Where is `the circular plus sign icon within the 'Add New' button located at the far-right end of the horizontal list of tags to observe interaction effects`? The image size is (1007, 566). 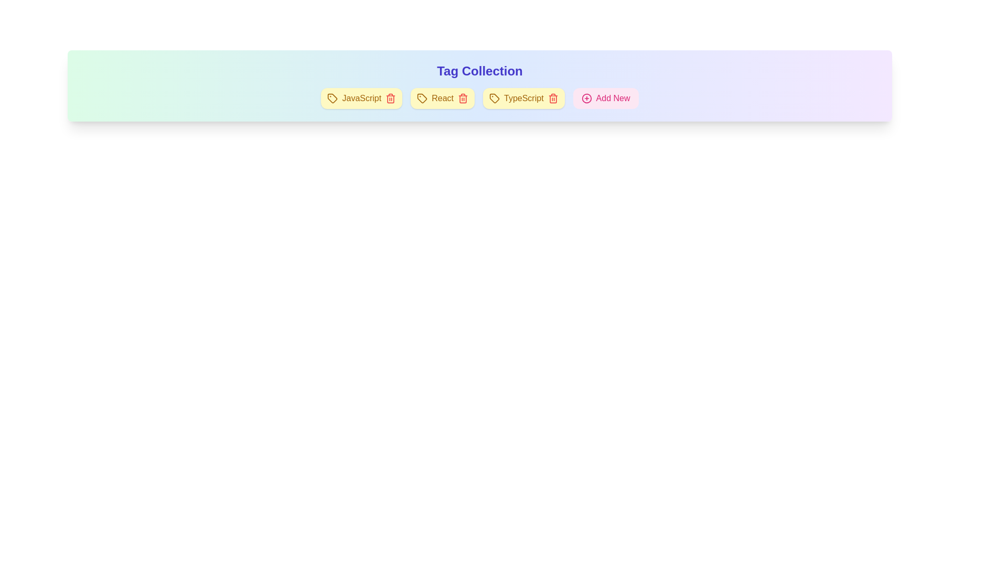
the circular plus sign icon within the 'Add New' button located at the far-right end of the horizontal list of tags to observe interaction effects is located at coordinates (586, 99).